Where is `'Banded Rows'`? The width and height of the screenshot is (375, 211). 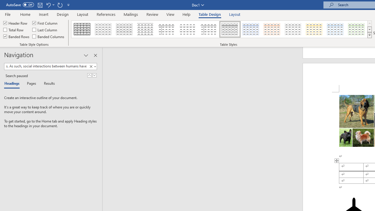
'Banded Rows' is located at coordinates (17, 36).